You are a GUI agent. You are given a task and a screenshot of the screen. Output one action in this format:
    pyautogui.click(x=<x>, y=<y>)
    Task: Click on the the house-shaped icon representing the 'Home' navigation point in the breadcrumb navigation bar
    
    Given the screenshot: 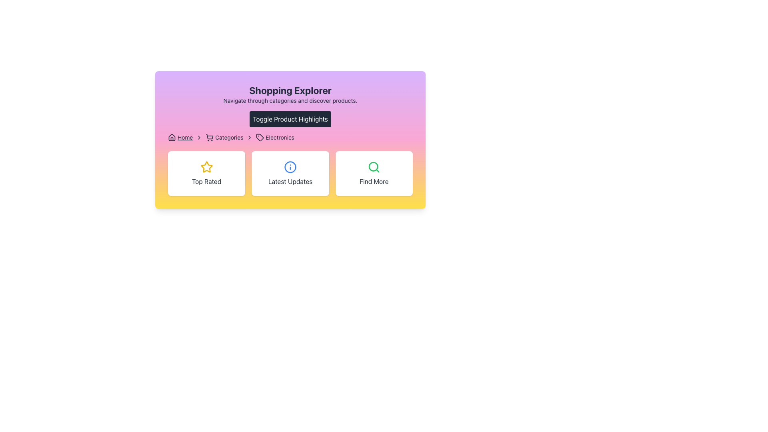 What is the action you would take?
    pyautogui.click(x=172, y=137)
    